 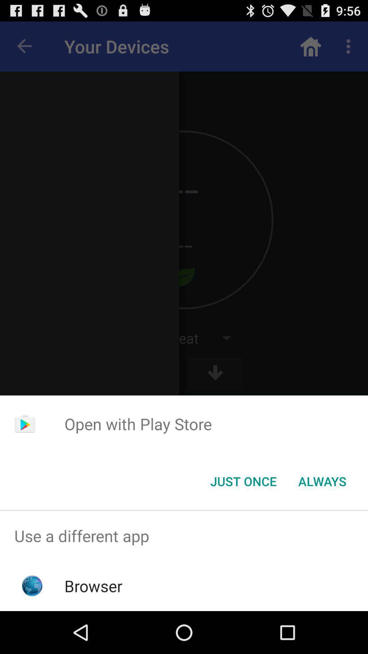 I want to click on the item at the bottom right corner, so click(x=322, y=481).